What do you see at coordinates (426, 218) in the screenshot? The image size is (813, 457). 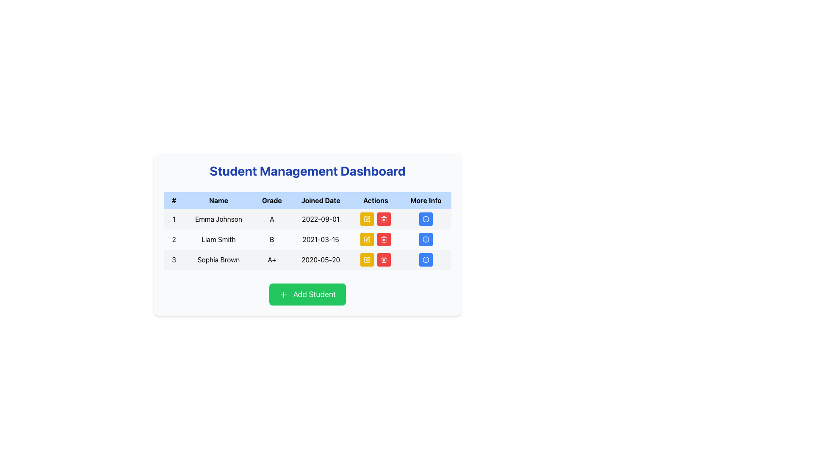 I see `the blue button with rounded corners and a white 'i' icon in the 'More Info' column for the row labeled 'Emma Johnson'` at bounding box center [426, 218].